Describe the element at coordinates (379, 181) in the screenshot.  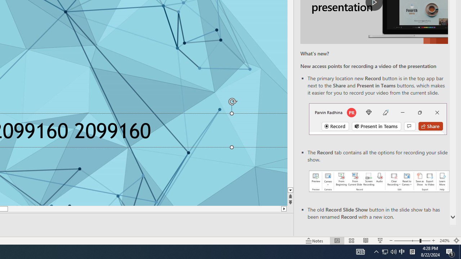
I see `'Record your presentations screenshot one'` at that location.